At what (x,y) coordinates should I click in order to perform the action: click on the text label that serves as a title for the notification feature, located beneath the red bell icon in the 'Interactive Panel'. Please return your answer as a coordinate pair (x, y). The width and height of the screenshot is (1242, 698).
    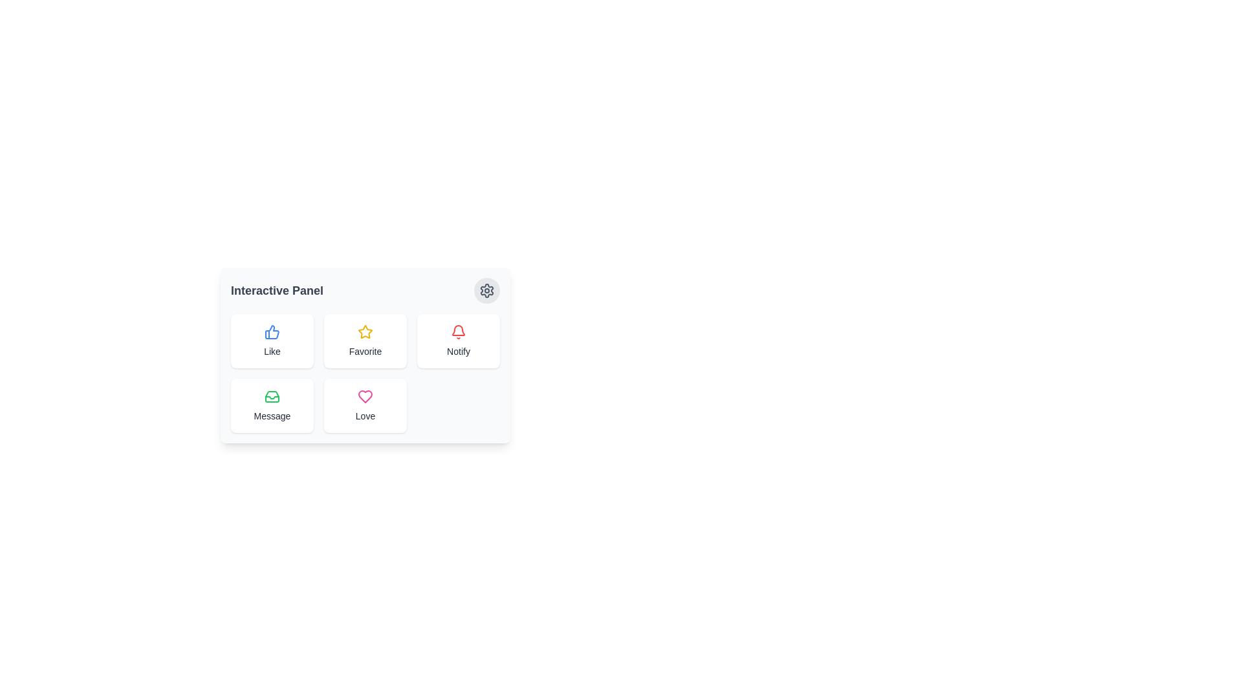
    Looking at the image, I should click on (459, 351).